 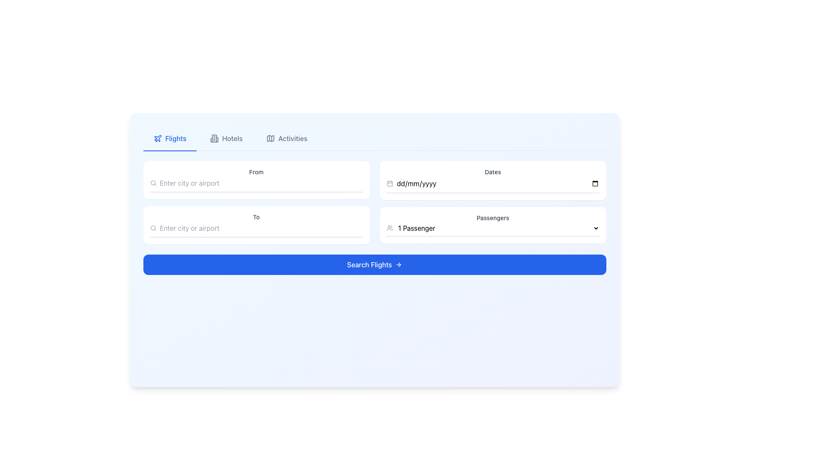 What do you see at coordinates (214, 138) in the screenshot?
I see `the 'Hotels' SVG-based icon located near the top-center of the interface, positioned between the 'Flights' and 'Activities' tabs` at bounding box center [214, 138].